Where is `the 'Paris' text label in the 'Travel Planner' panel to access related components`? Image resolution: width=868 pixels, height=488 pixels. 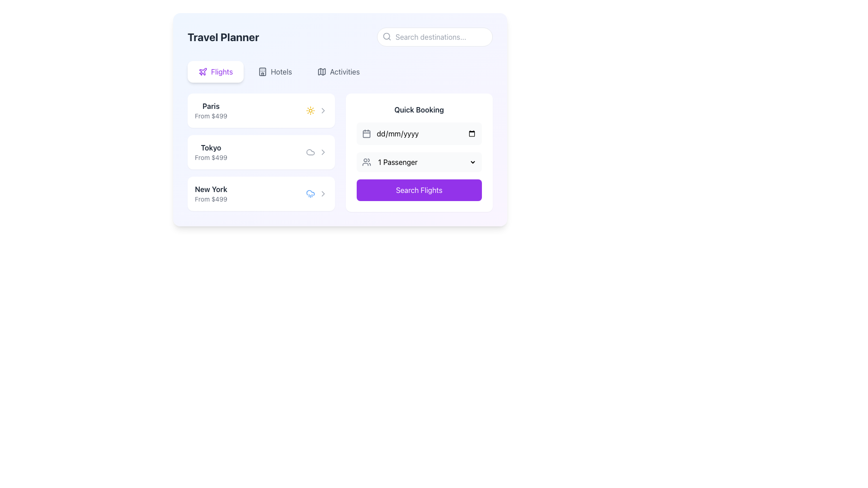
the 'Paris' text label in the 'Travel Planner' panel to access related components is located at coordinates (210, 106).